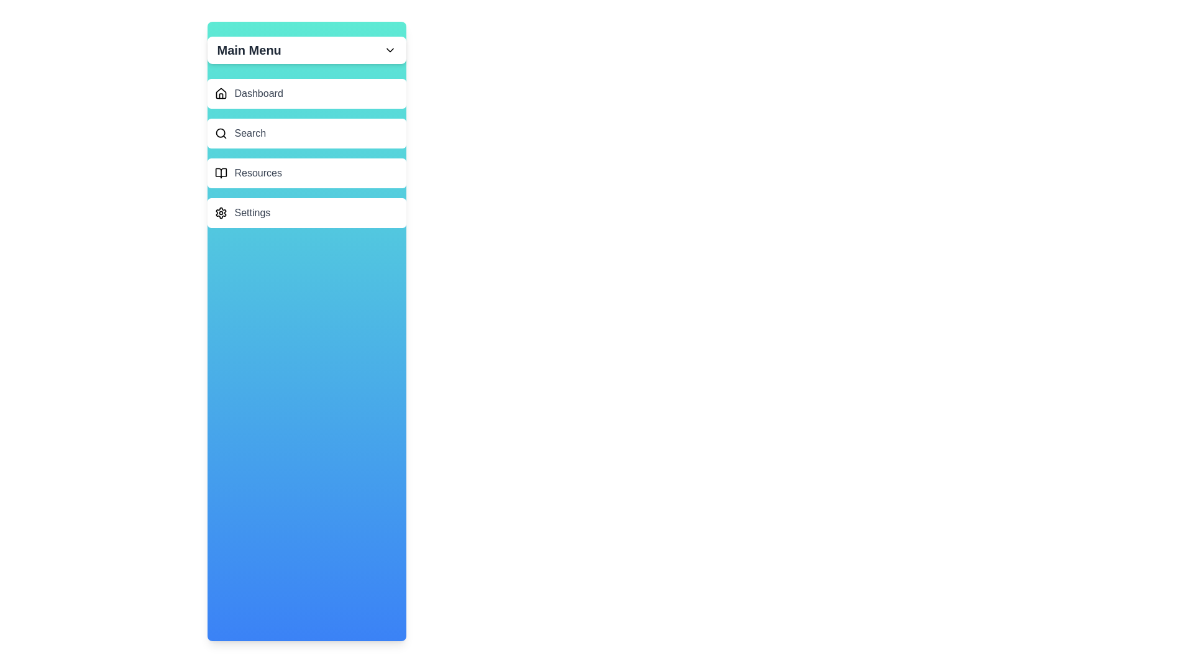 This screenshot has width=1193, height=671. I want to click on the menu item Dashboard to highlight it, so click(306, 93).